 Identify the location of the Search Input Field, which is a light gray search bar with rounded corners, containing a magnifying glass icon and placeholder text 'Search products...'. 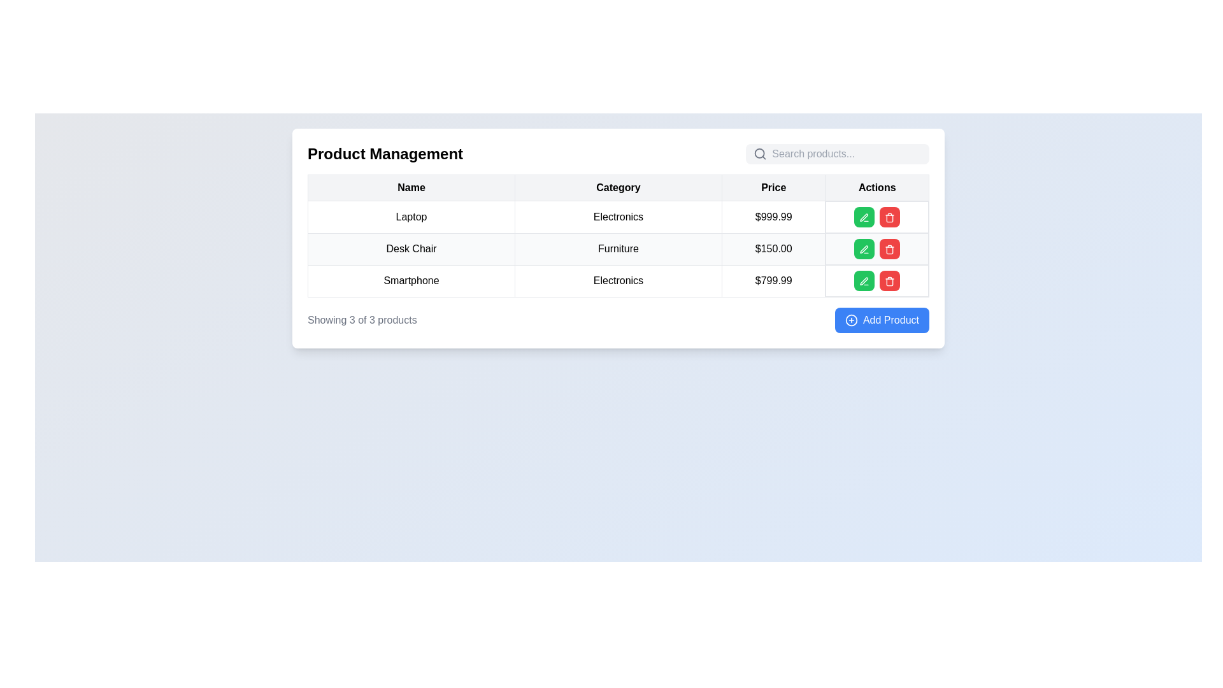
(838, 154).